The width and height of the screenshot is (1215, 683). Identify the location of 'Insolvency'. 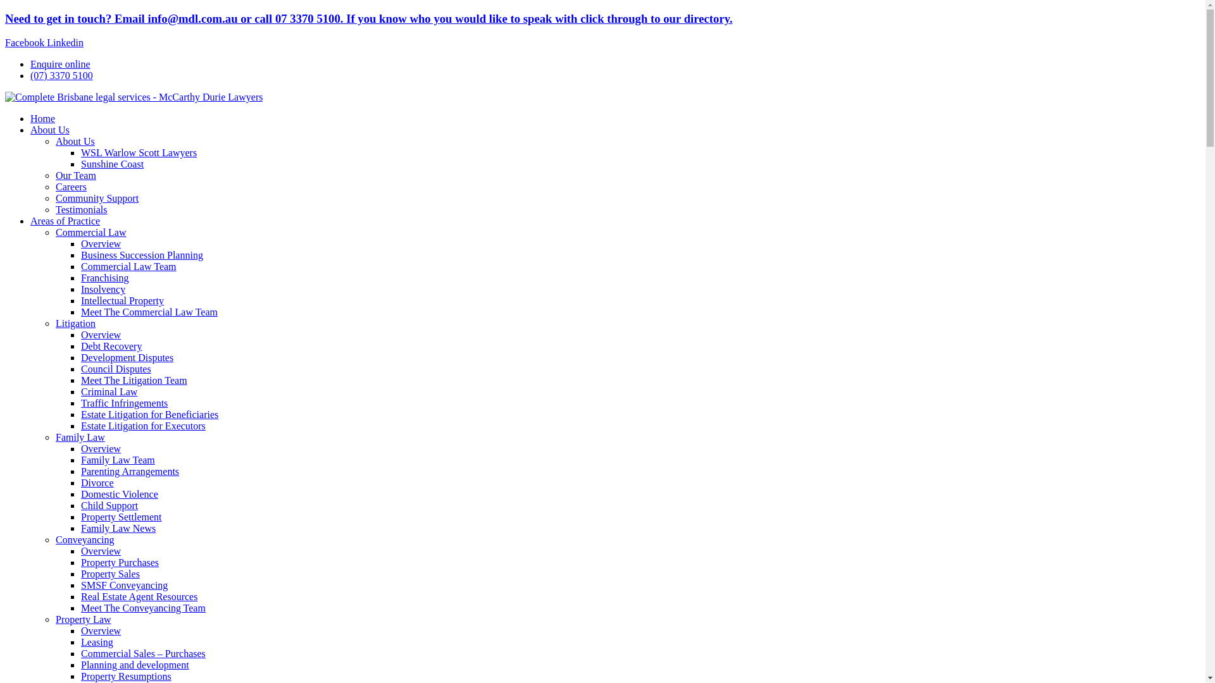
(103, 289).